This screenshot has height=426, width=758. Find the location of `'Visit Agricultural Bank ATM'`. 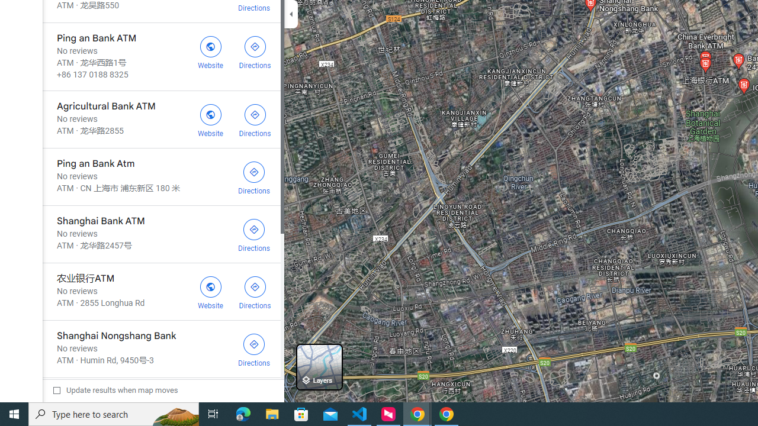

'Visit Agricultural Bank ATM' is located at coordinates (210, 119).